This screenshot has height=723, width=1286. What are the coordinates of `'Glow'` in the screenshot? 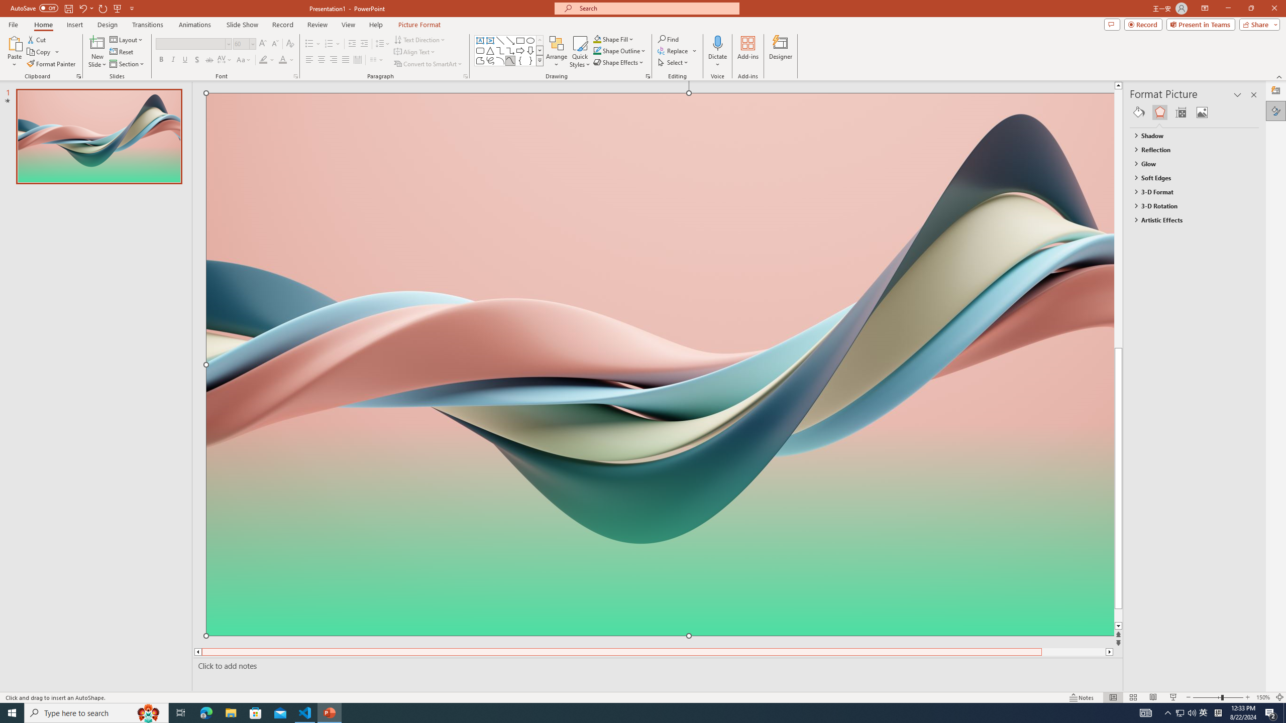 It's located at (1190, 163).